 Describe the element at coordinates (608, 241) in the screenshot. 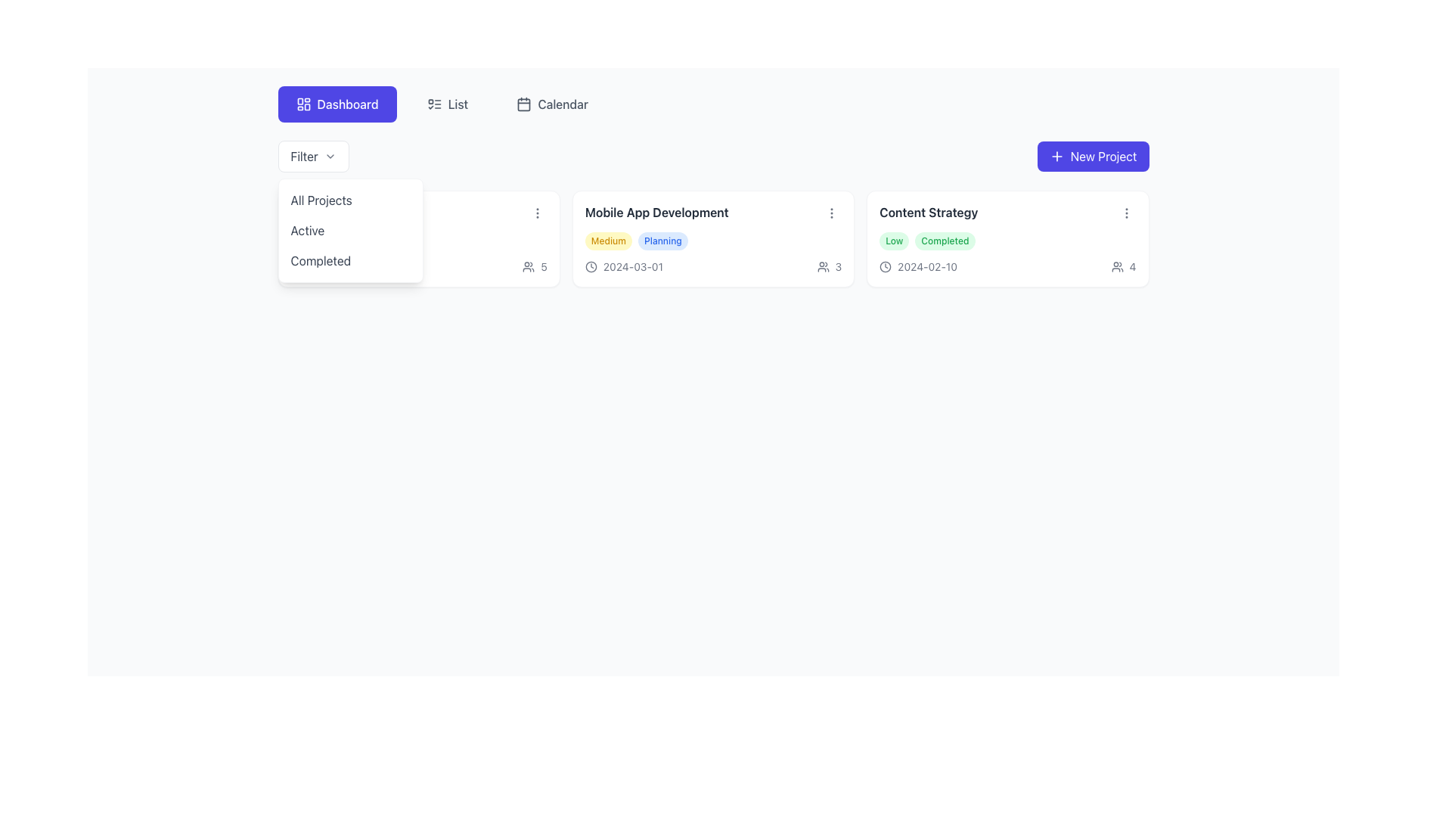

I see `the 'Medium' static tag or badge with a yellow background located in the 'Mobile App Development' card area, positioned at the top-left corner of the content panel` at that location.